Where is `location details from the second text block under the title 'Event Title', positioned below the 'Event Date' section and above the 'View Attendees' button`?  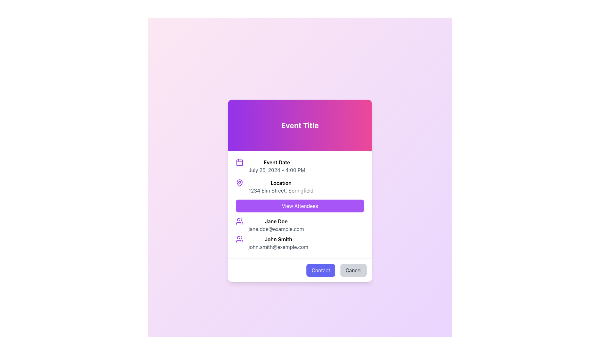
location details from the second text block under the title 'Event Title', positioned below the 'Event Date' section and above the 'View Attendees' button is located at coordinates (281, 186).